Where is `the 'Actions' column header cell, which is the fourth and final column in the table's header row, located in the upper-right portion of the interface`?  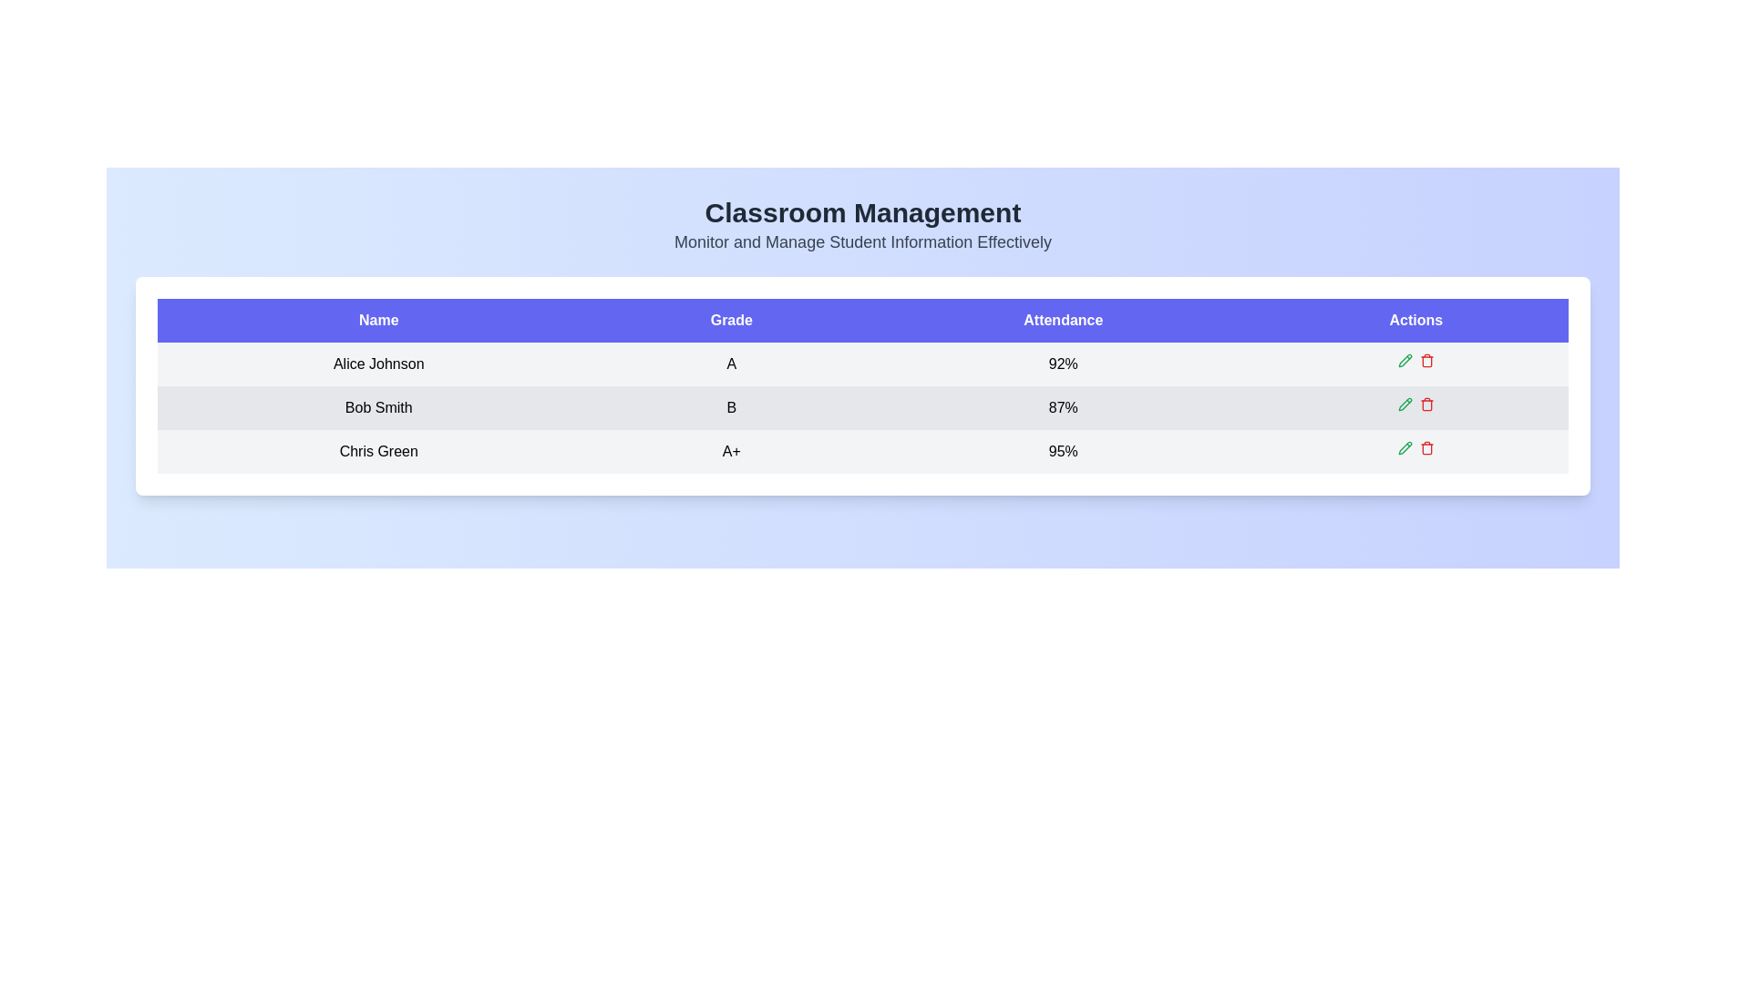
the 'Actions' column header cell, which is the fourth and final column in the table's header row, located in the upper-right portion of the interface is located at coordinates (1415, 319).